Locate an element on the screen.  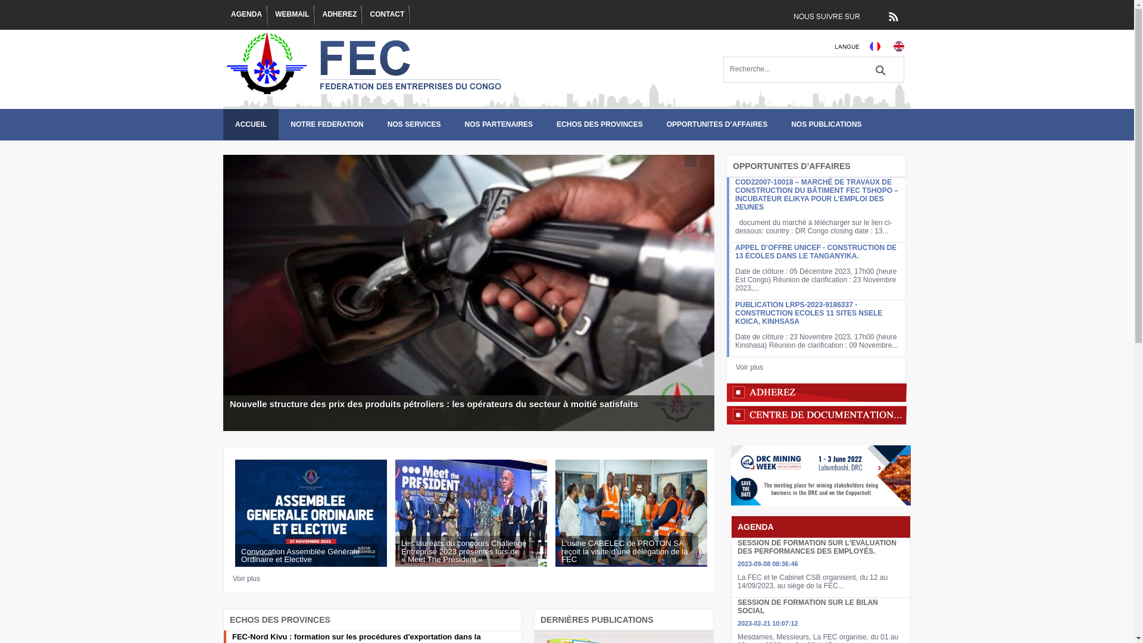
'ECHOS DES PROVINCES' is located at coordinates (599, 124).